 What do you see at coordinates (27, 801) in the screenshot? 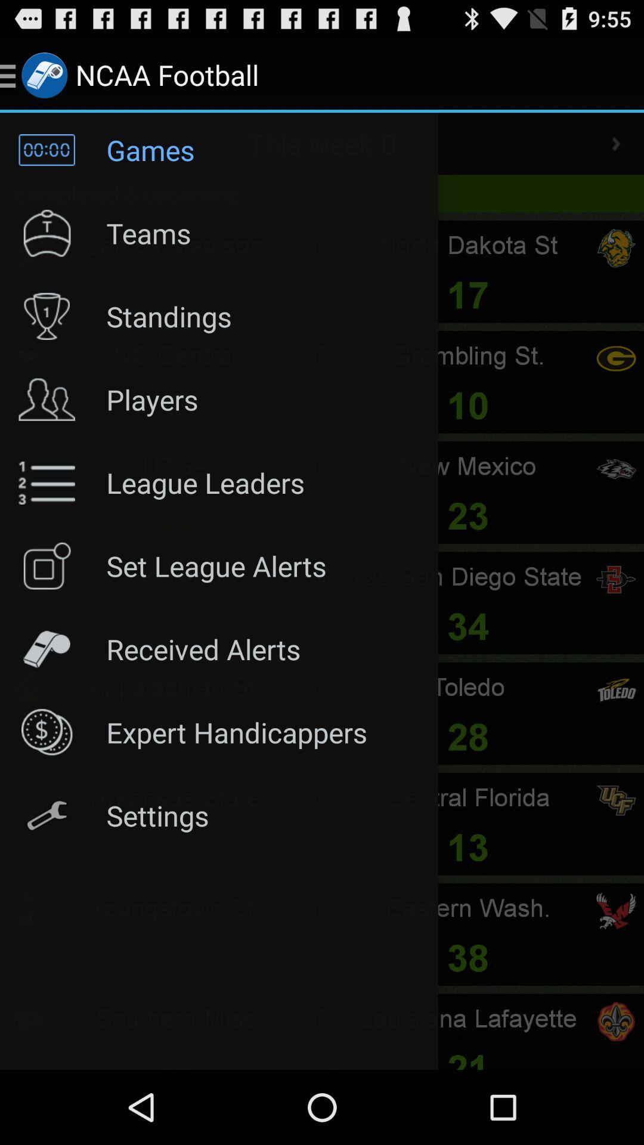
I see `the settings icon` at bounding box center [27, 801].